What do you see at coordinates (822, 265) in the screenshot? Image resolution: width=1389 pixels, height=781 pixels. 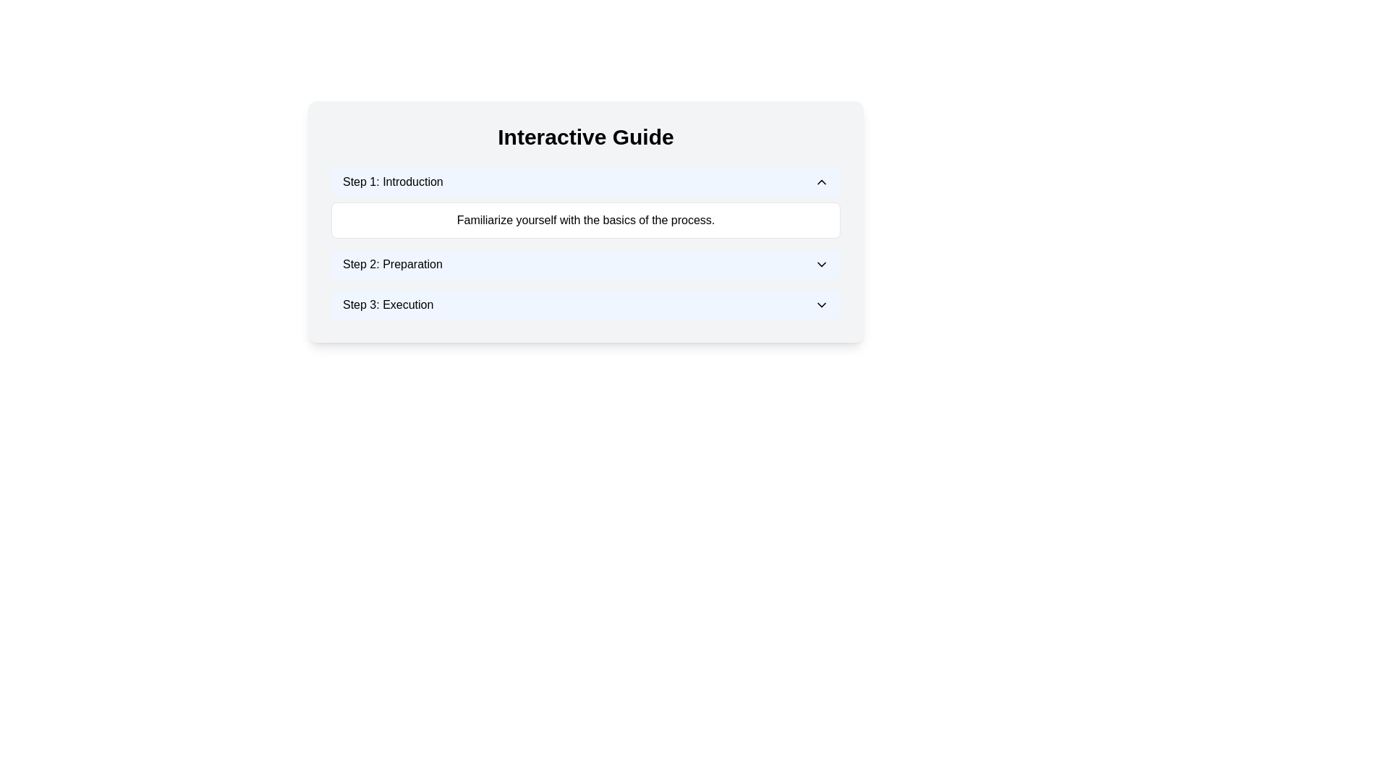 I see `the downward-facing chevron icon located at the far-right edge of the 'Step 2: Preparation' header block` at bounding box center [822, 265].